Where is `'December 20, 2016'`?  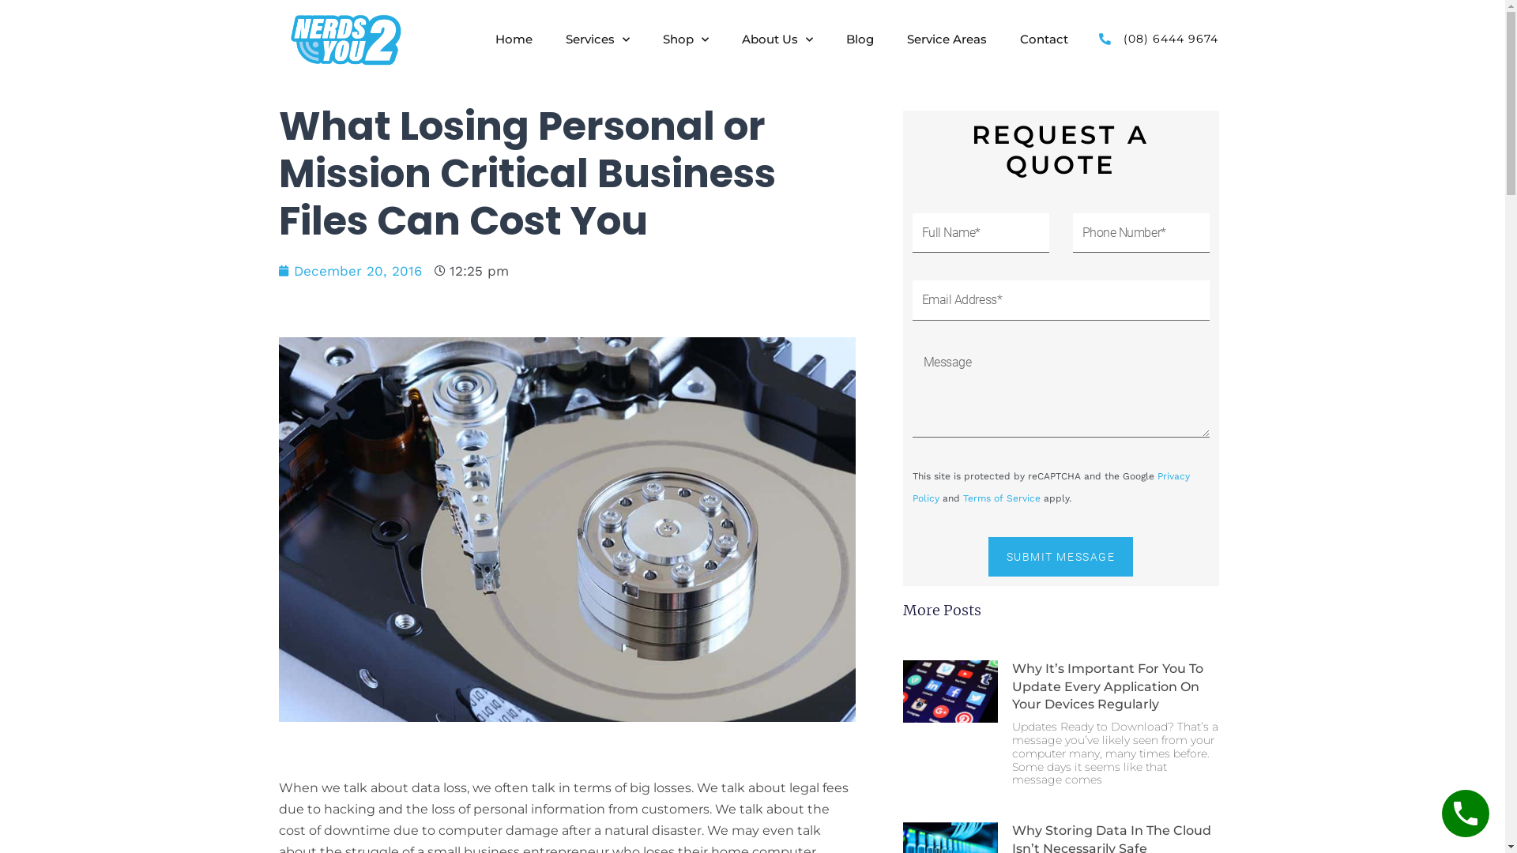
'December 20, 2016' is located at coordinates (348, 270).